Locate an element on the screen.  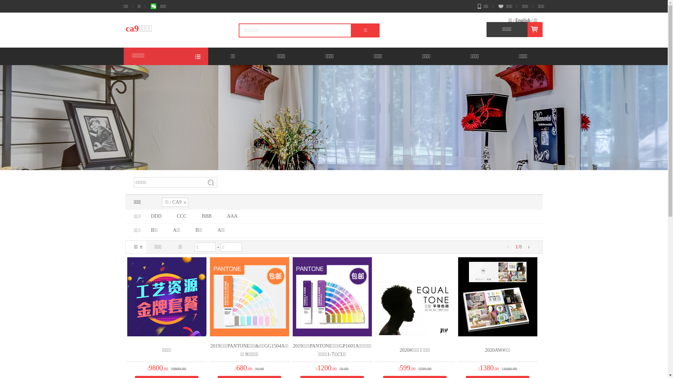
'English' is located at coordinates (523, 20).